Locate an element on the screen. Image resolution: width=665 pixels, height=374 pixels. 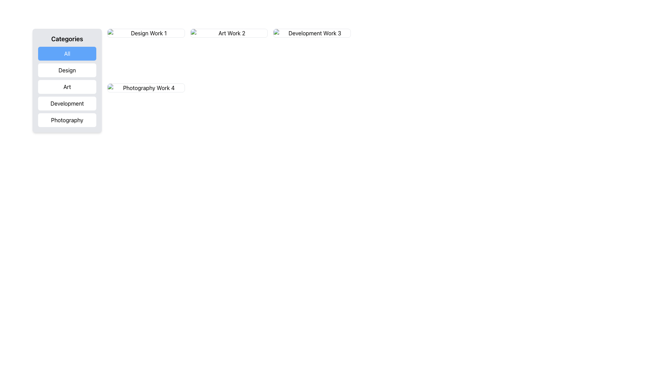
the first image placeholder that displays the text 'Design' in the center, located at the top-left corner of the layout is located at coordinates (145, 33).